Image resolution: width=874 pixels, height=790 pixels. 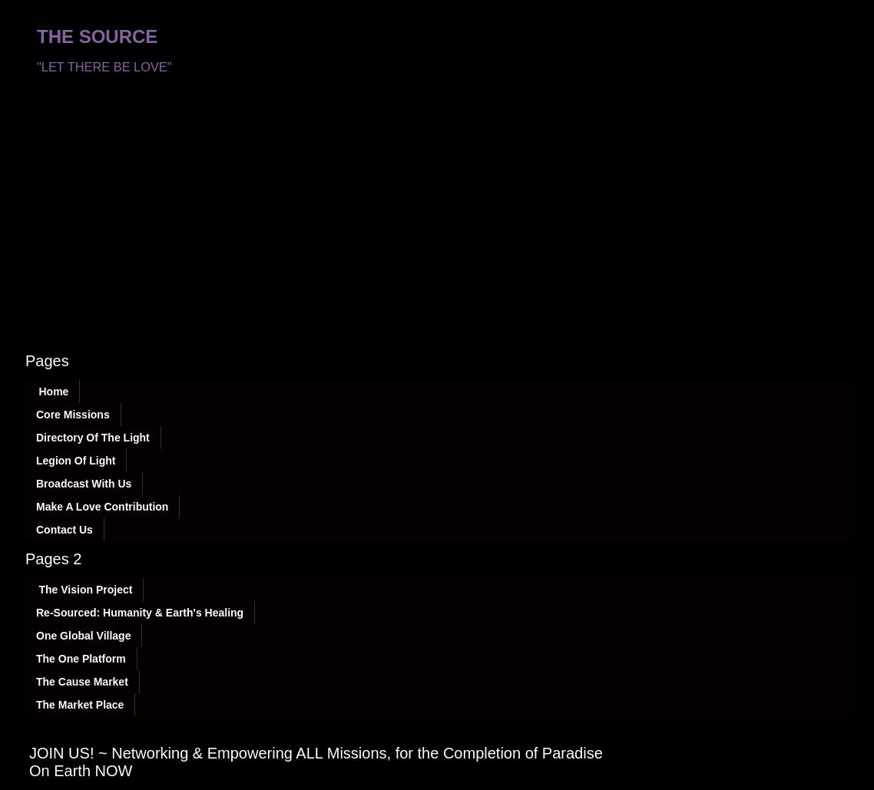 What do you see at coordinates (52, 558) in the screenshot?
I see `'Pages 2'` at bounding box center [52, 558].